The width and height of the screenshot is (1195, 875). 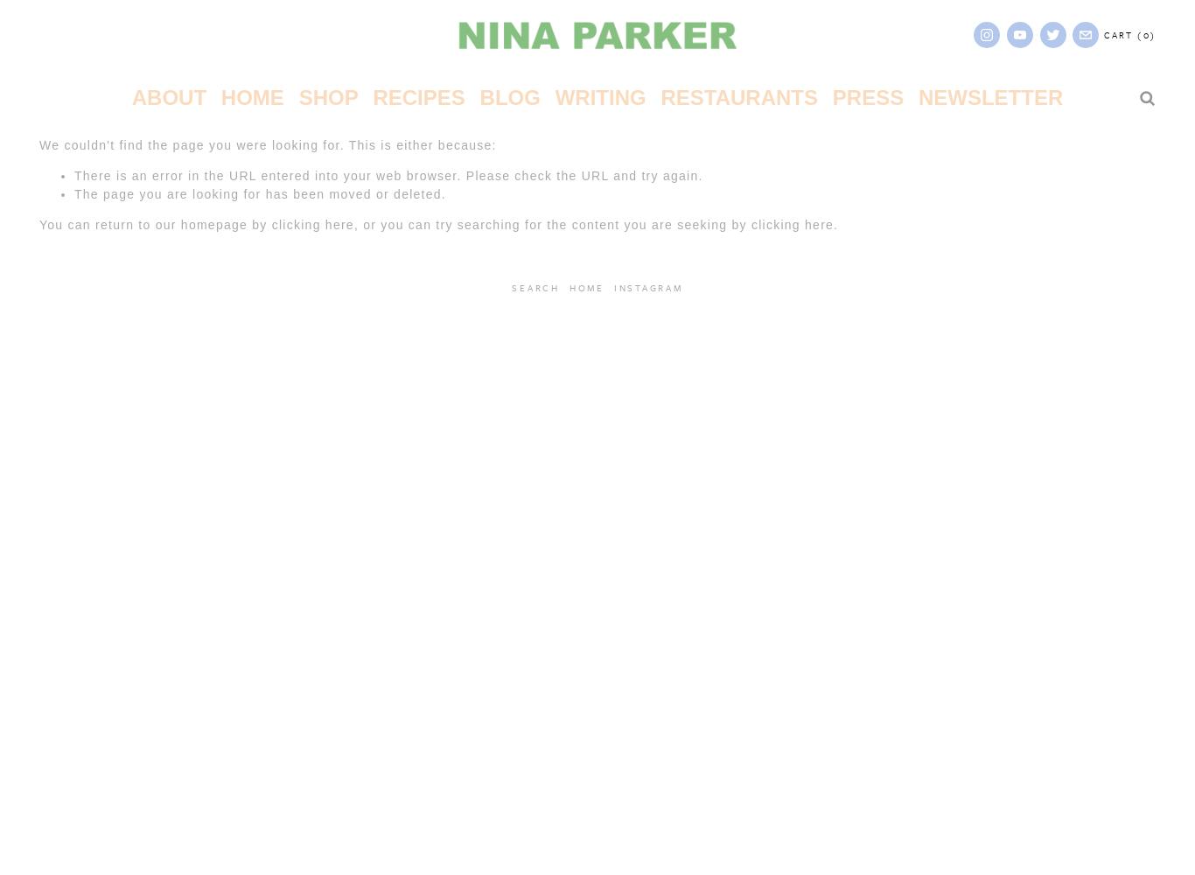 What do you see at coordinates (553, 96) in the screenshot?
I see `'WRITING'` at bounding box center [553, 96].